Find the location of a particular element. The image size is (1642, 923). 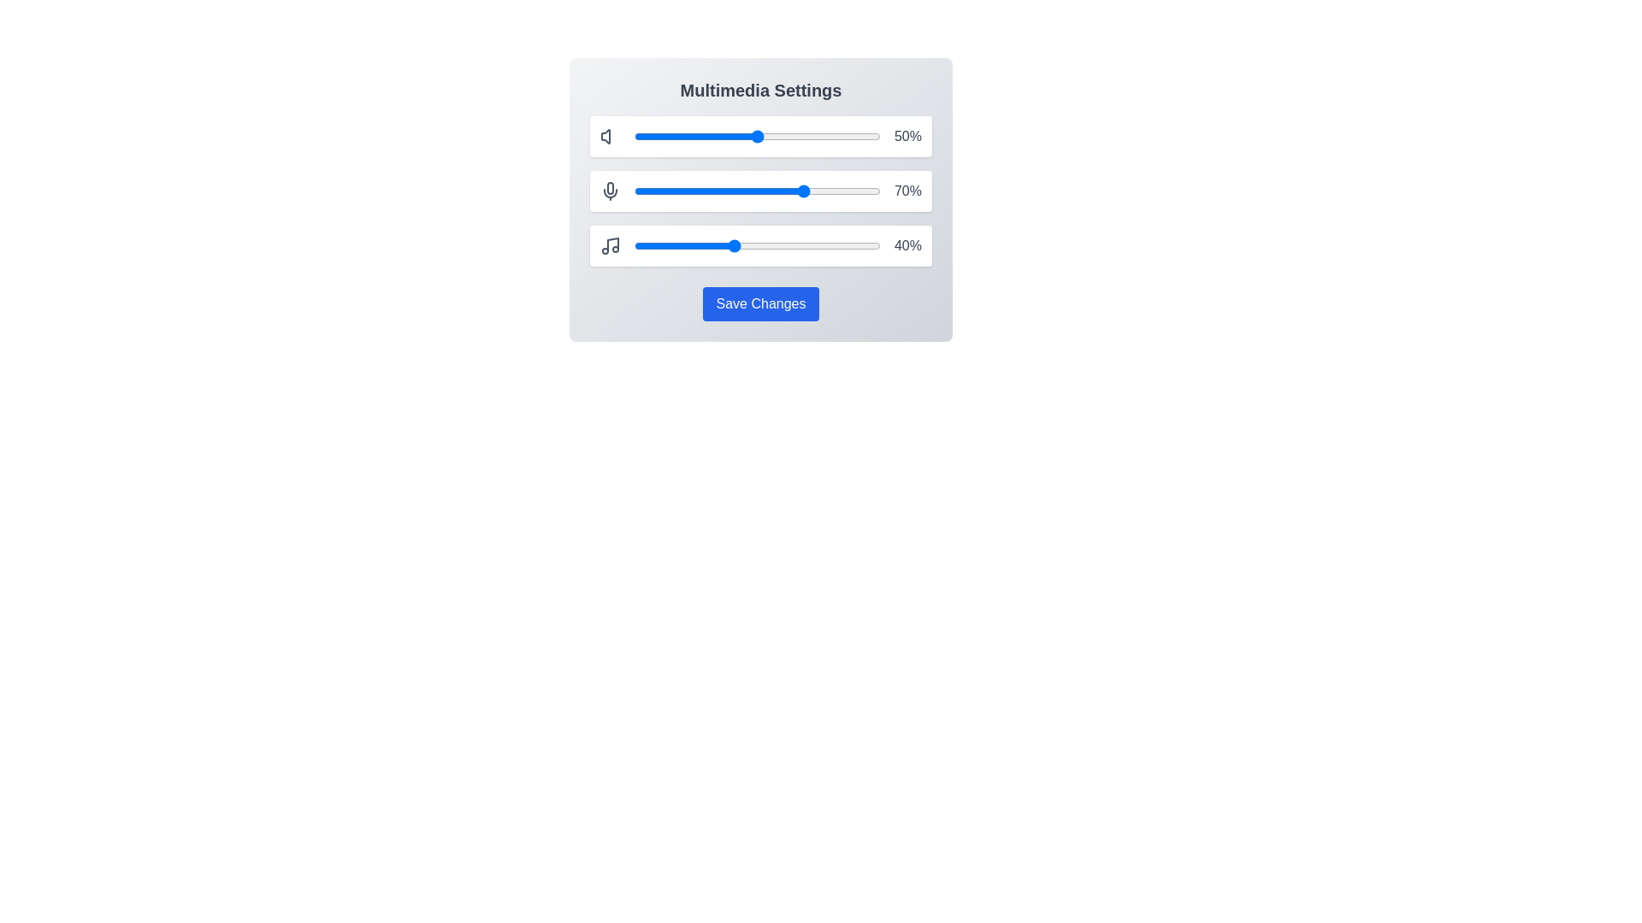

the music slider to 57% is located at coordinates (774, 246).